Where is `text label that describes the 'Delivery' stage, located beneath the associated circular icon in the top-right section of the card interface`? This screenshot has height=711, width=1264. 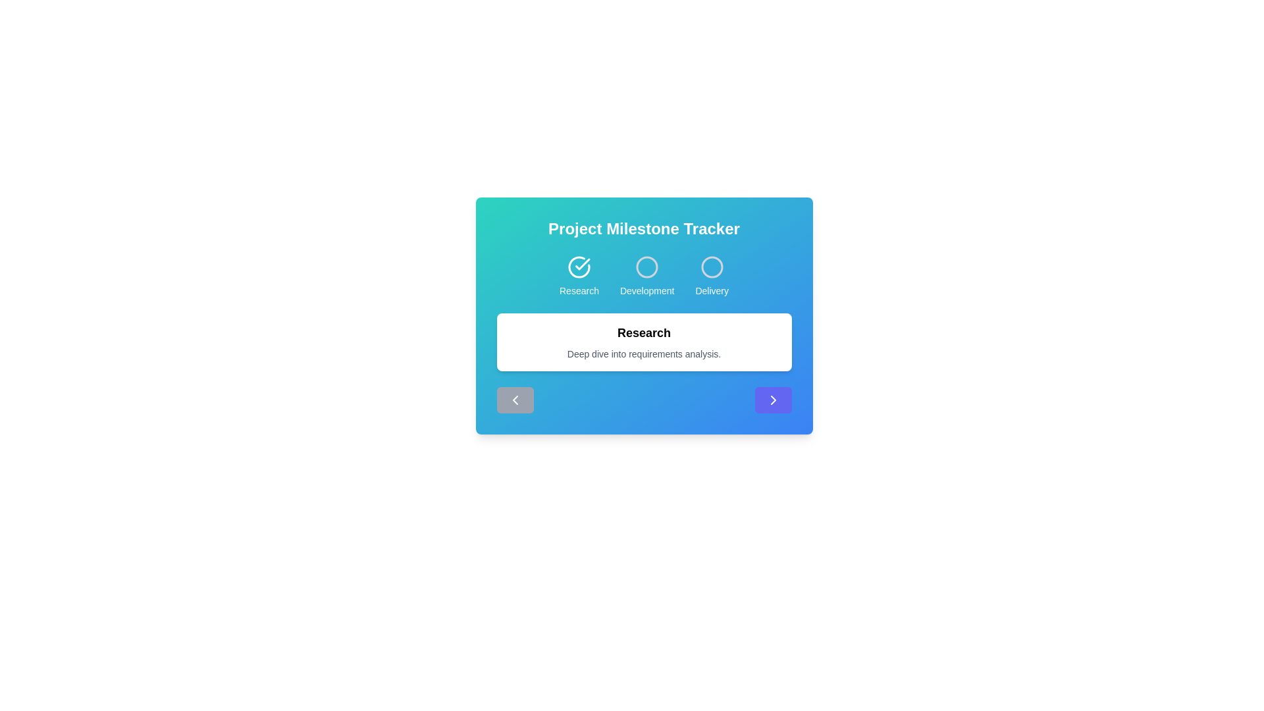
text label that describes the 'Delivery' stage, located beneath the associated circular icon in the top-right section of the card interface is located at coordinates (711, 290).